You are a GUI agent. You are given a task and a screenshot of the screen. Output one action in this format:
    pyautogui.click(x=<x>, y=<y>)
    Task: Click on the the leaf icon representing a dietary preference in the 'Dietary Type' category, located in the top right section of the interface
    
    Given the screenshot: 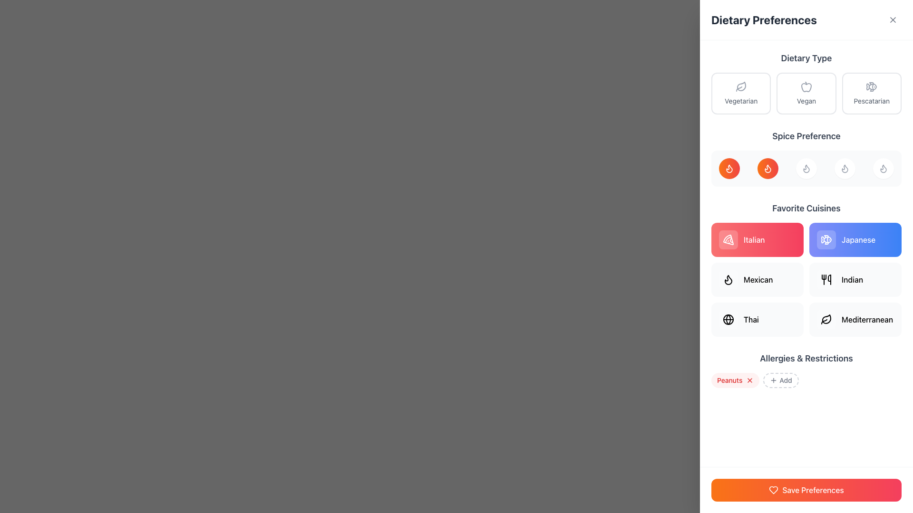 What is the action you would take?
    pyautogui.click(x=741, y=86)
    